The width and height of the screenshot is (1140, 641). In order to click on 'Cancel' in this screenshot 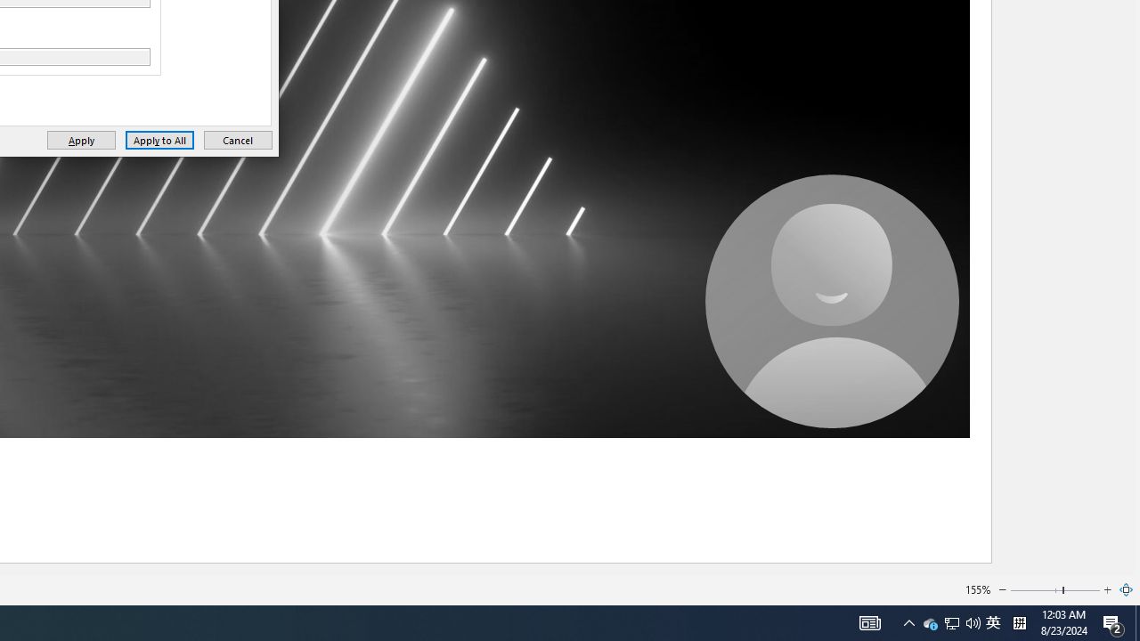, I will do `click(237, 139)`.